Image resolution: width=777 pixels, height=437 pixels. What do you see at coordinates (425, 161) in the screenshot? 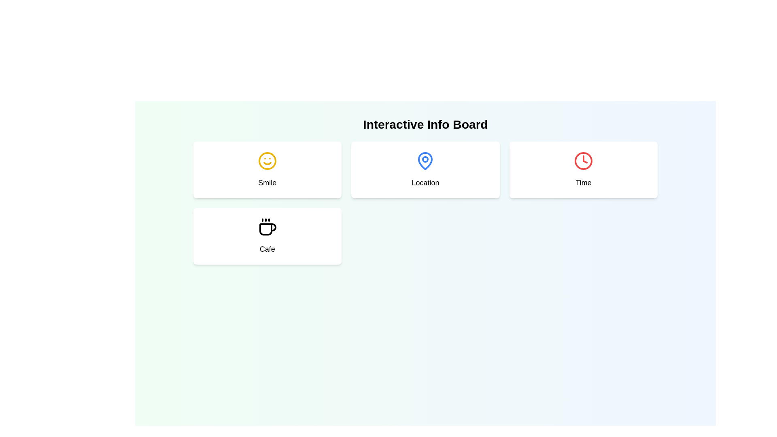
I see `the map pin graphical icon located within the 'Location' card, which is the second card in the top row of the interface layout` at bounding box center [425, 161].